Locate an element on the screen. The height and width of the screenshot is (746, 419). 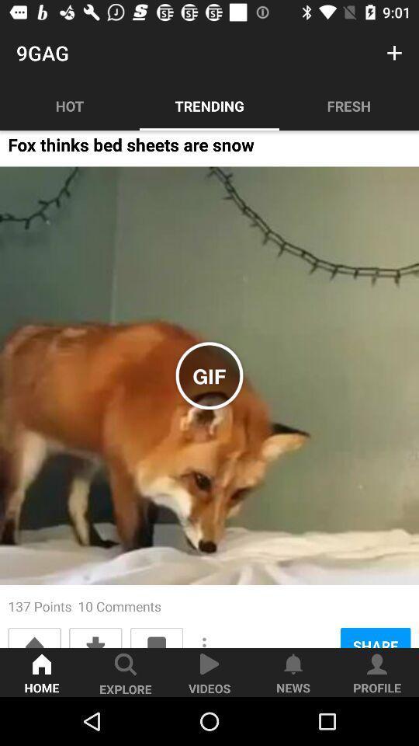
item below the 137 points 	10 icon is located at coordinates (34, 637).